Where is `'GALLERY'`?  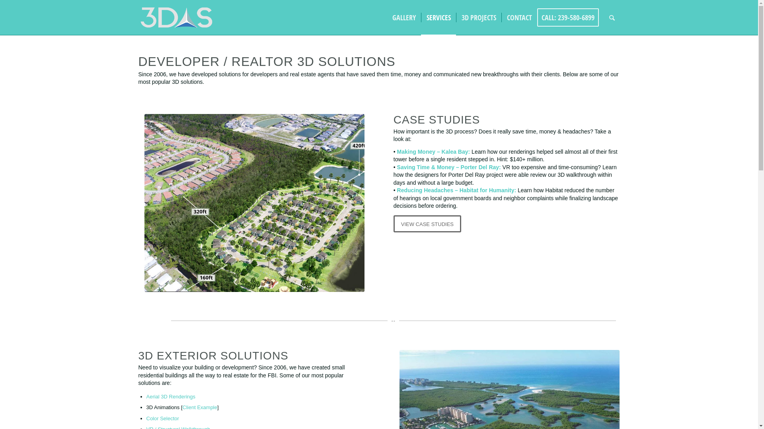 'GALLERY' is located at coordinates (403, 17).